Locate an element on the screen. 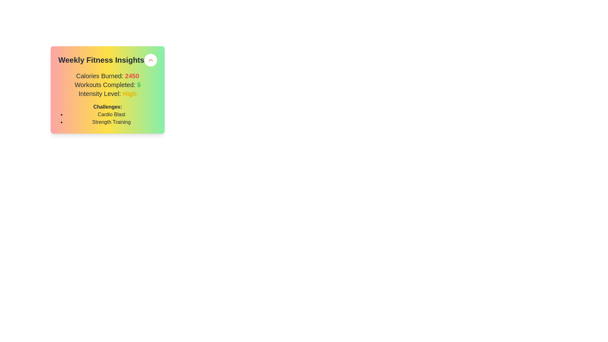  the Text display that shows the total number of calories burned, located at the top of 'Weekly Fitness Insights', above 'Workouts Completed: 5' and 'Intensity Level: High' is located at coordinates (108, 75).